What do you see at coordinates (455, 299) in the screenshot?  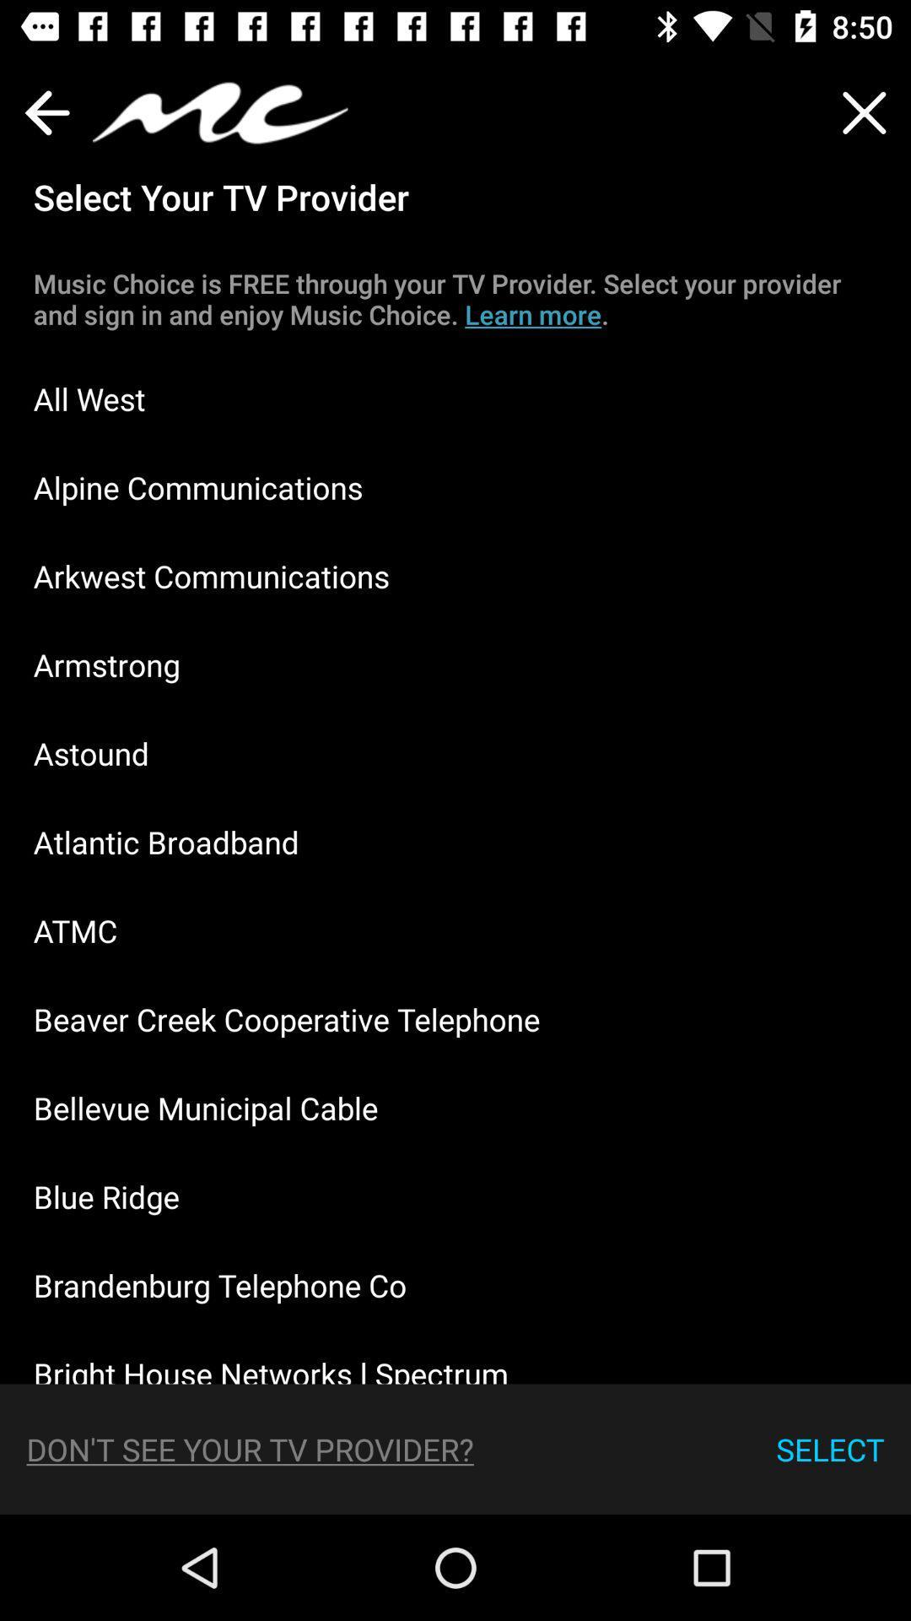 I see `the music choice is item` at bounding box center [455, 299].